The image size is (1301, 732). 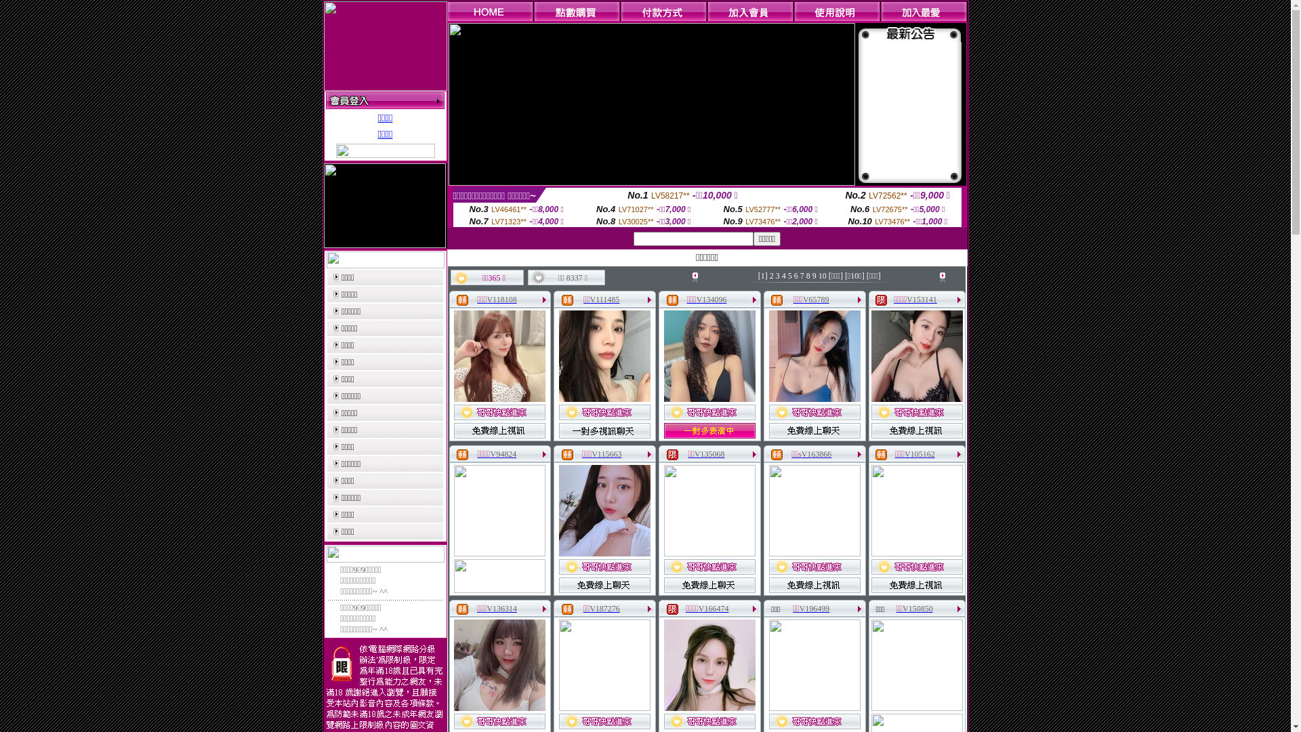 What do you see at coordinates (713, 608) in the screenshot?
I see `'V166474'` at bounding box center [713, 608].